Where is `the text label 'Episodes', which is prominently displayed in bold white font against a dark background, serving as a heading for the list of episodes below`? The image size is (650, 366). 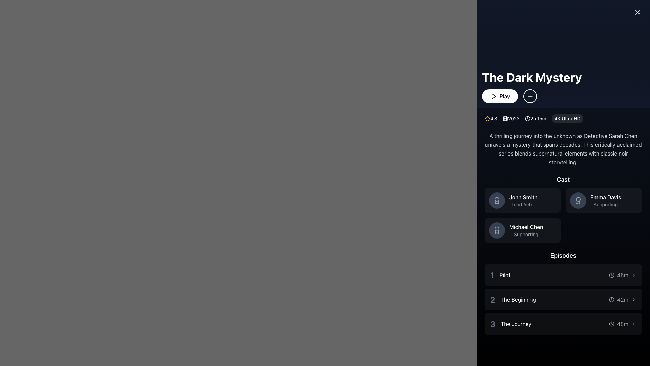 the text label 'Episodes', which is prominently displayed in bold white font against a dark background, serving as a heading for the list of episodes below is located at coordinates (563, 255).